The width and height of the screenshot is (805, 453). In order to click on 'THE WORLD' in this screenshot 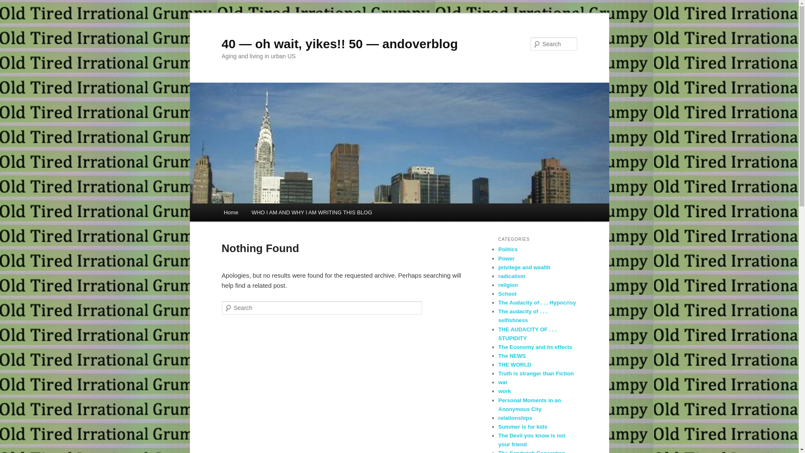, I will do `click(514, 364)`.